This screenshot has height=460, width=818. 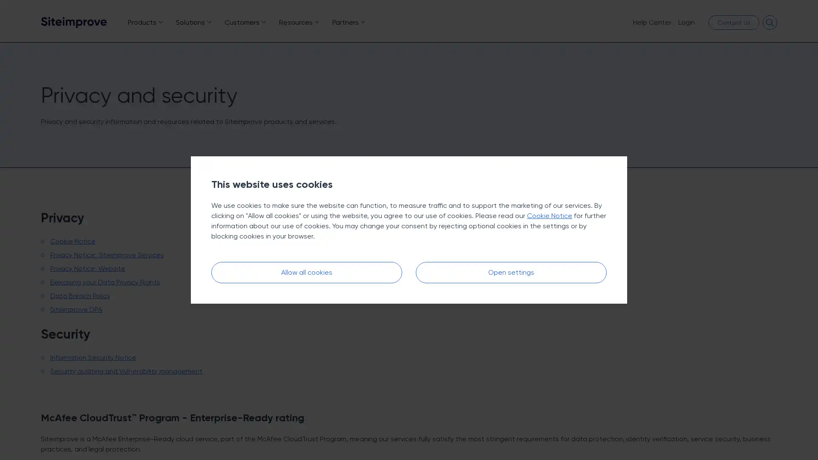 I want to click on Products, so click(x=144, y=21).